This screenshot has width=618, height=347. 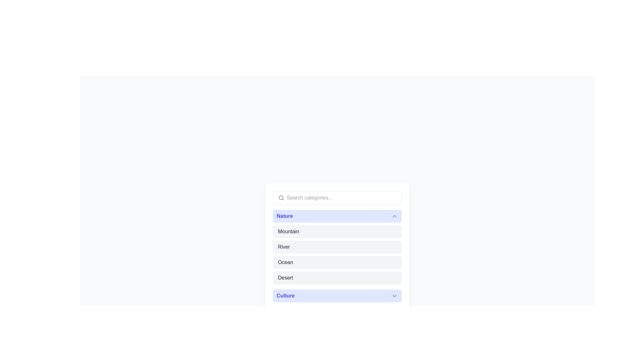 I want to click on the magnifying glass icon located at the leftmost side of the search bar, which indicates search functionality, so click(x=281, y=198).